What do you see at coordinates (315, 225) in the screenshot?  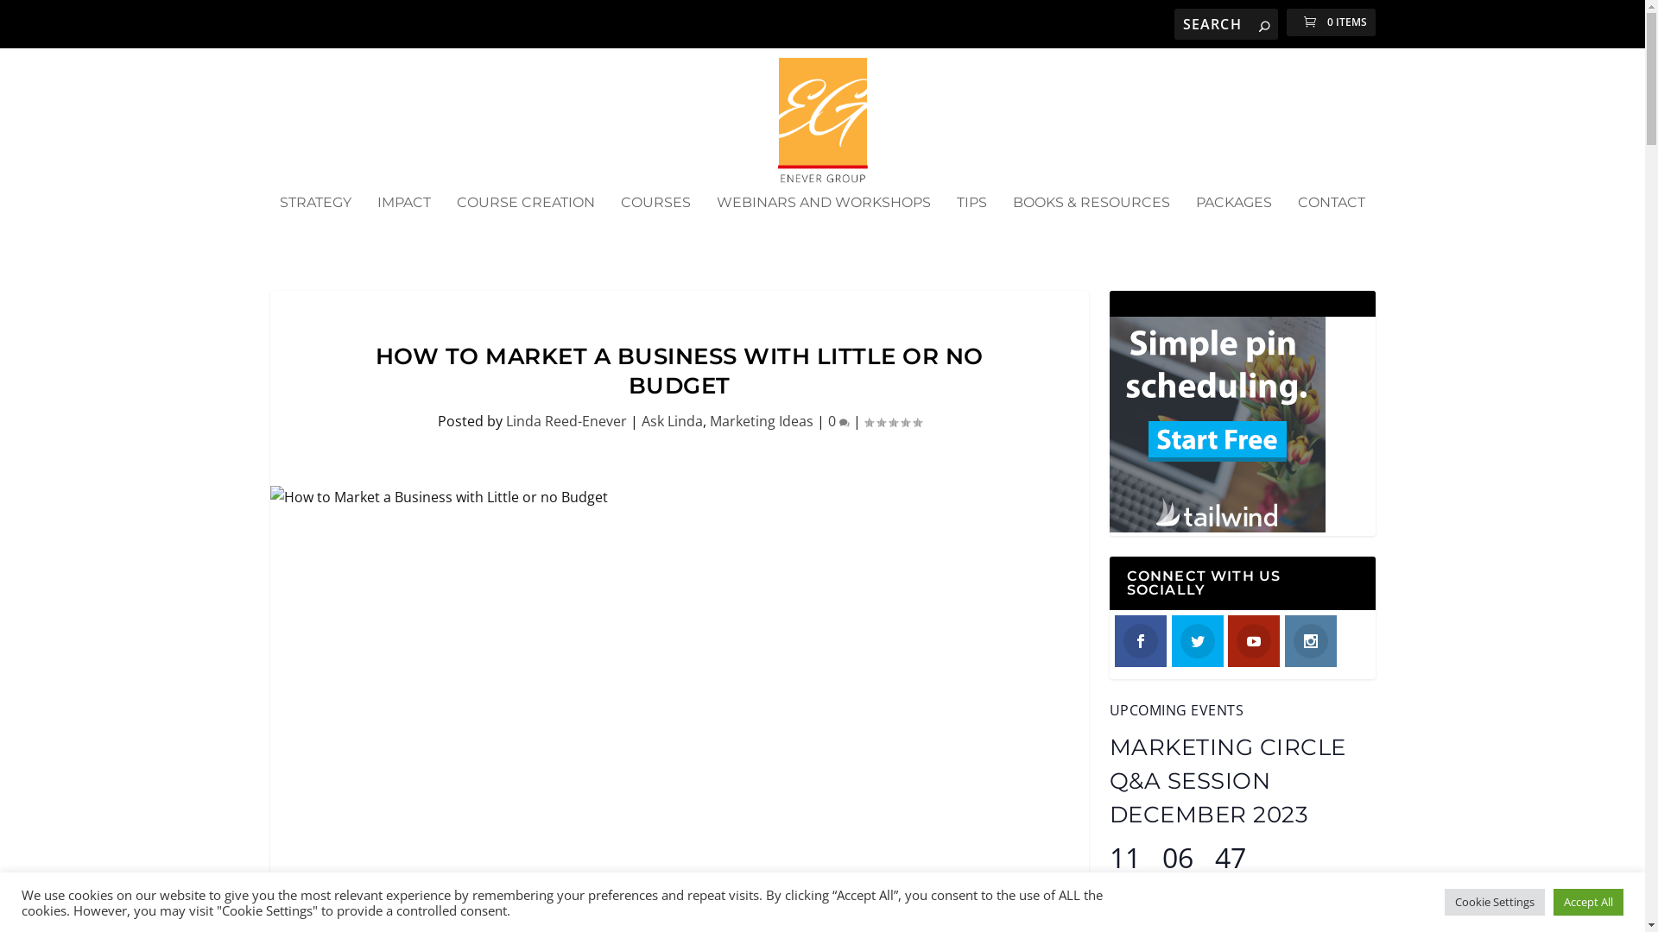 I see `'STRATEGY'` at bounding box center [315, 225].